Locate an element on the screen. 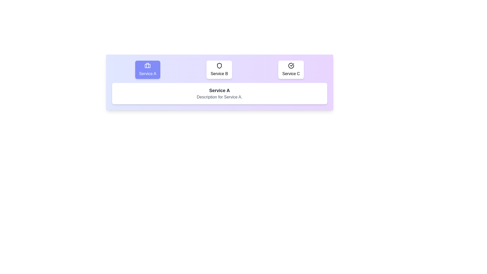 This screenshot has height=274, width=487. the 'Service A' button with a purple background and a briefcase icon is located at coordinates (147, 70).